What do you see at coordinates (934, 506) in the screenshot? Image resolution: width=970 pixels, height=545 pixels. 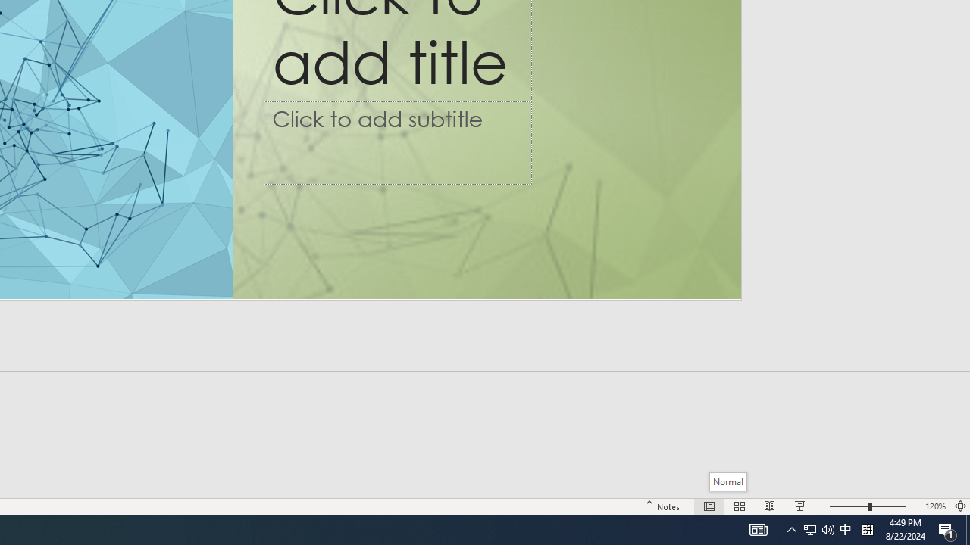 I see `'Zoom 120%'` at bounding box center [934, 506].